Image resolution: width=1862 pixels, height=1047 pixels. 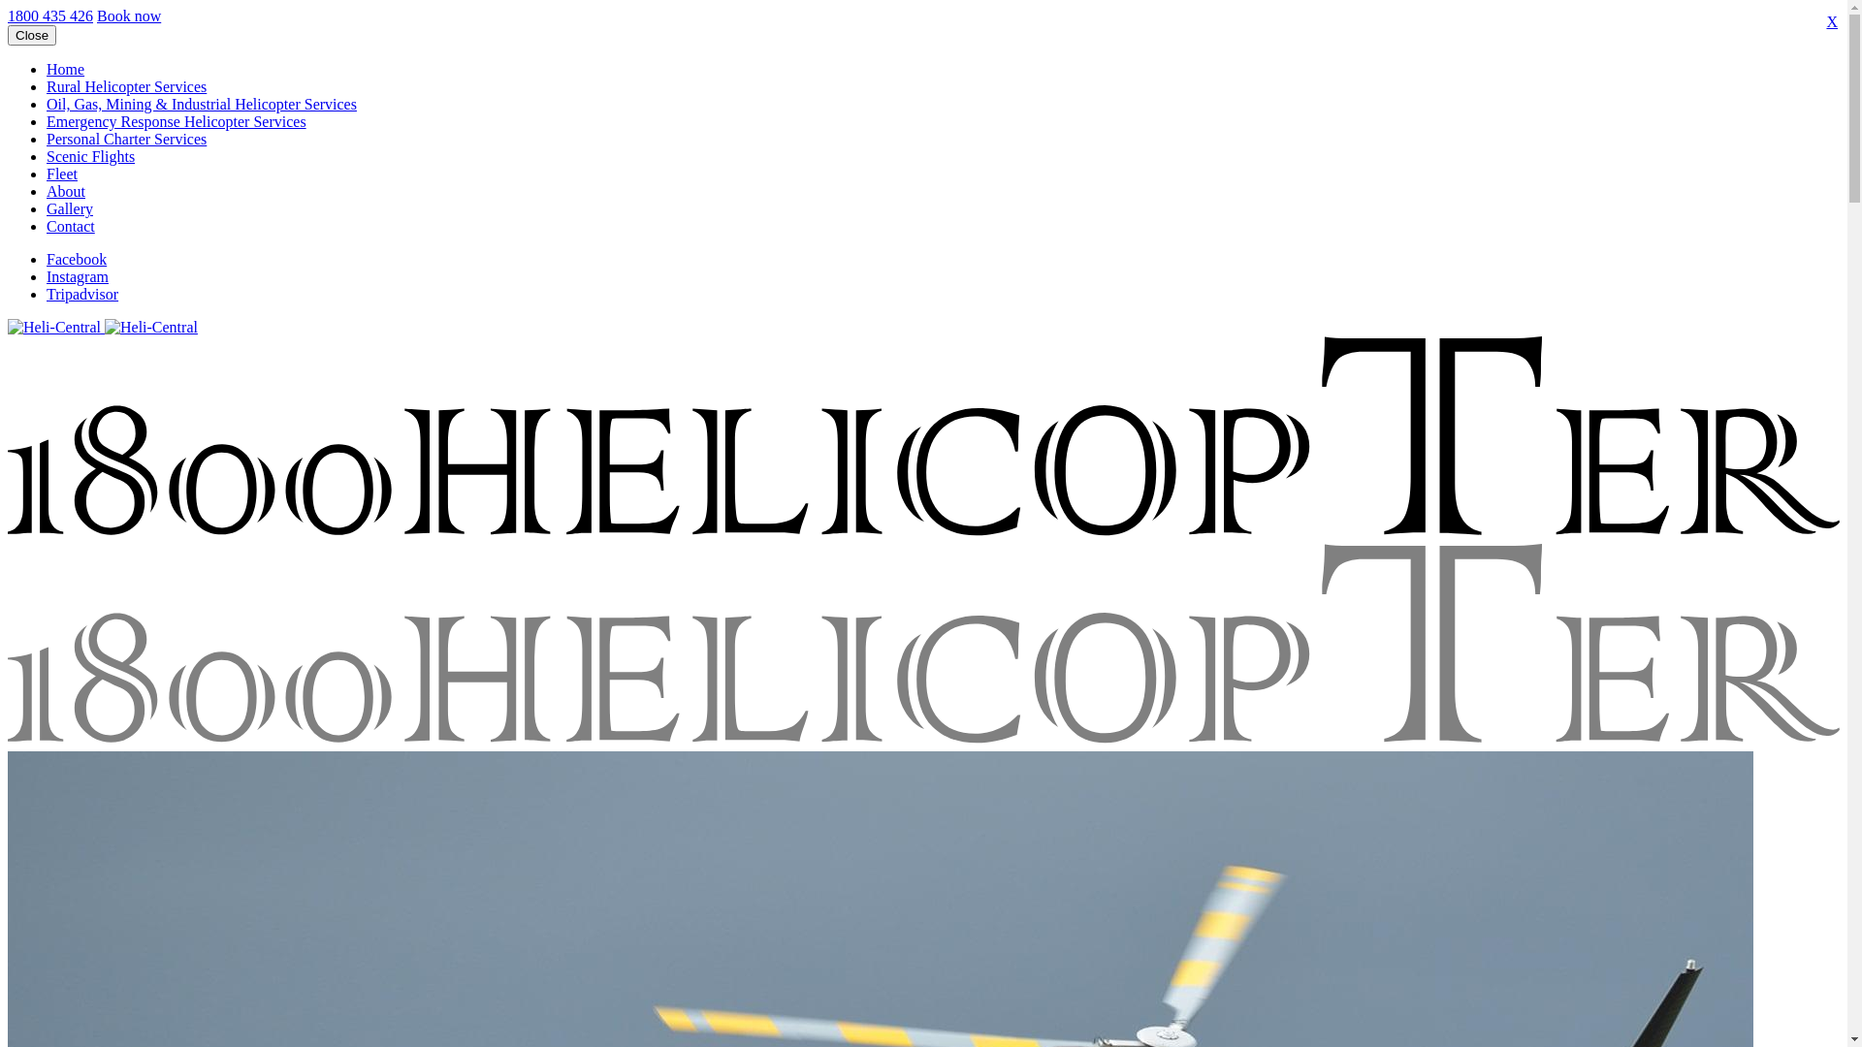 I want to click on 'Rural Helicopter Services', so click(x=125, y=85).